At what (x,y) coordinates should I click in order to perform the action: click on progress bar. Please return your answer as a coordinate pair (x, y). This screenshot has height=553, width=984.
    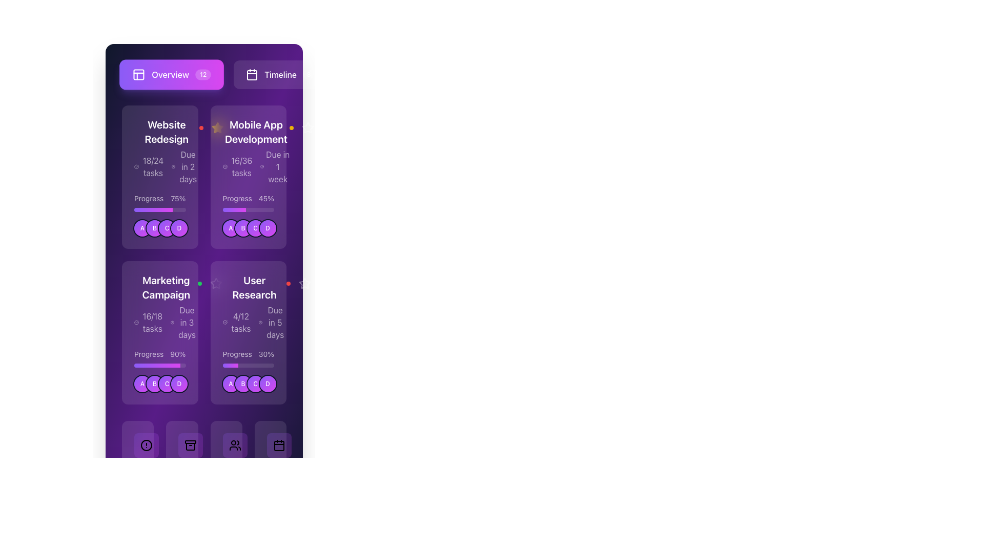
    Looking at the image, I should click on (171, 365).